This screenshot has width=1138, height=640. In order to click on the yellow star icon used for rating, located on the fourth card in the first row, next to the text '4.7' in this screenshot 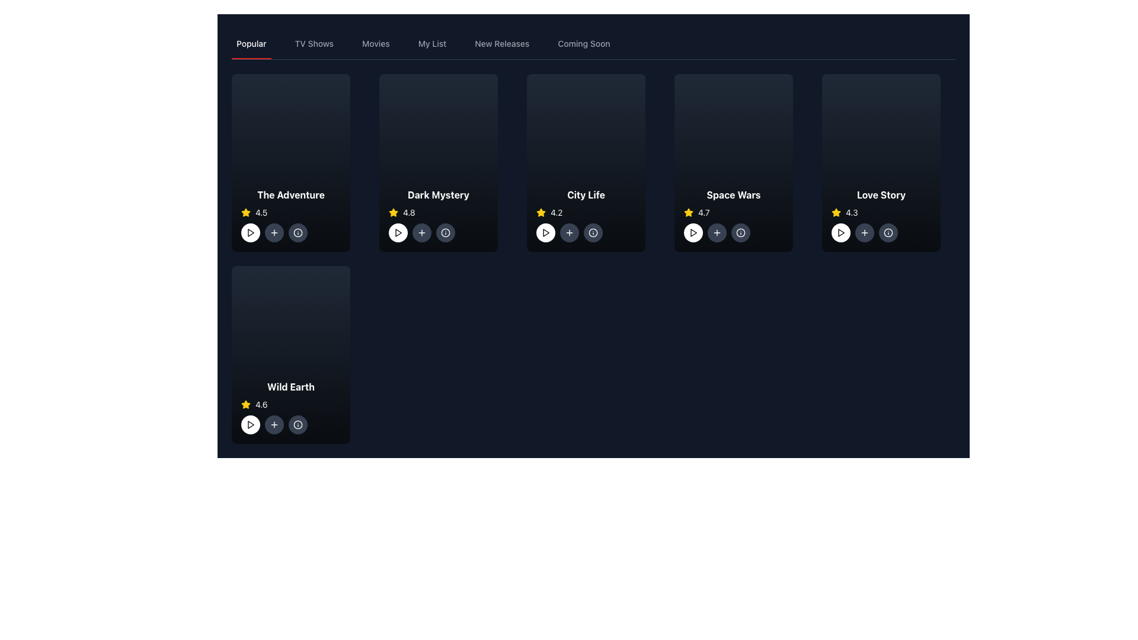, I will do `click(393, 212)`.